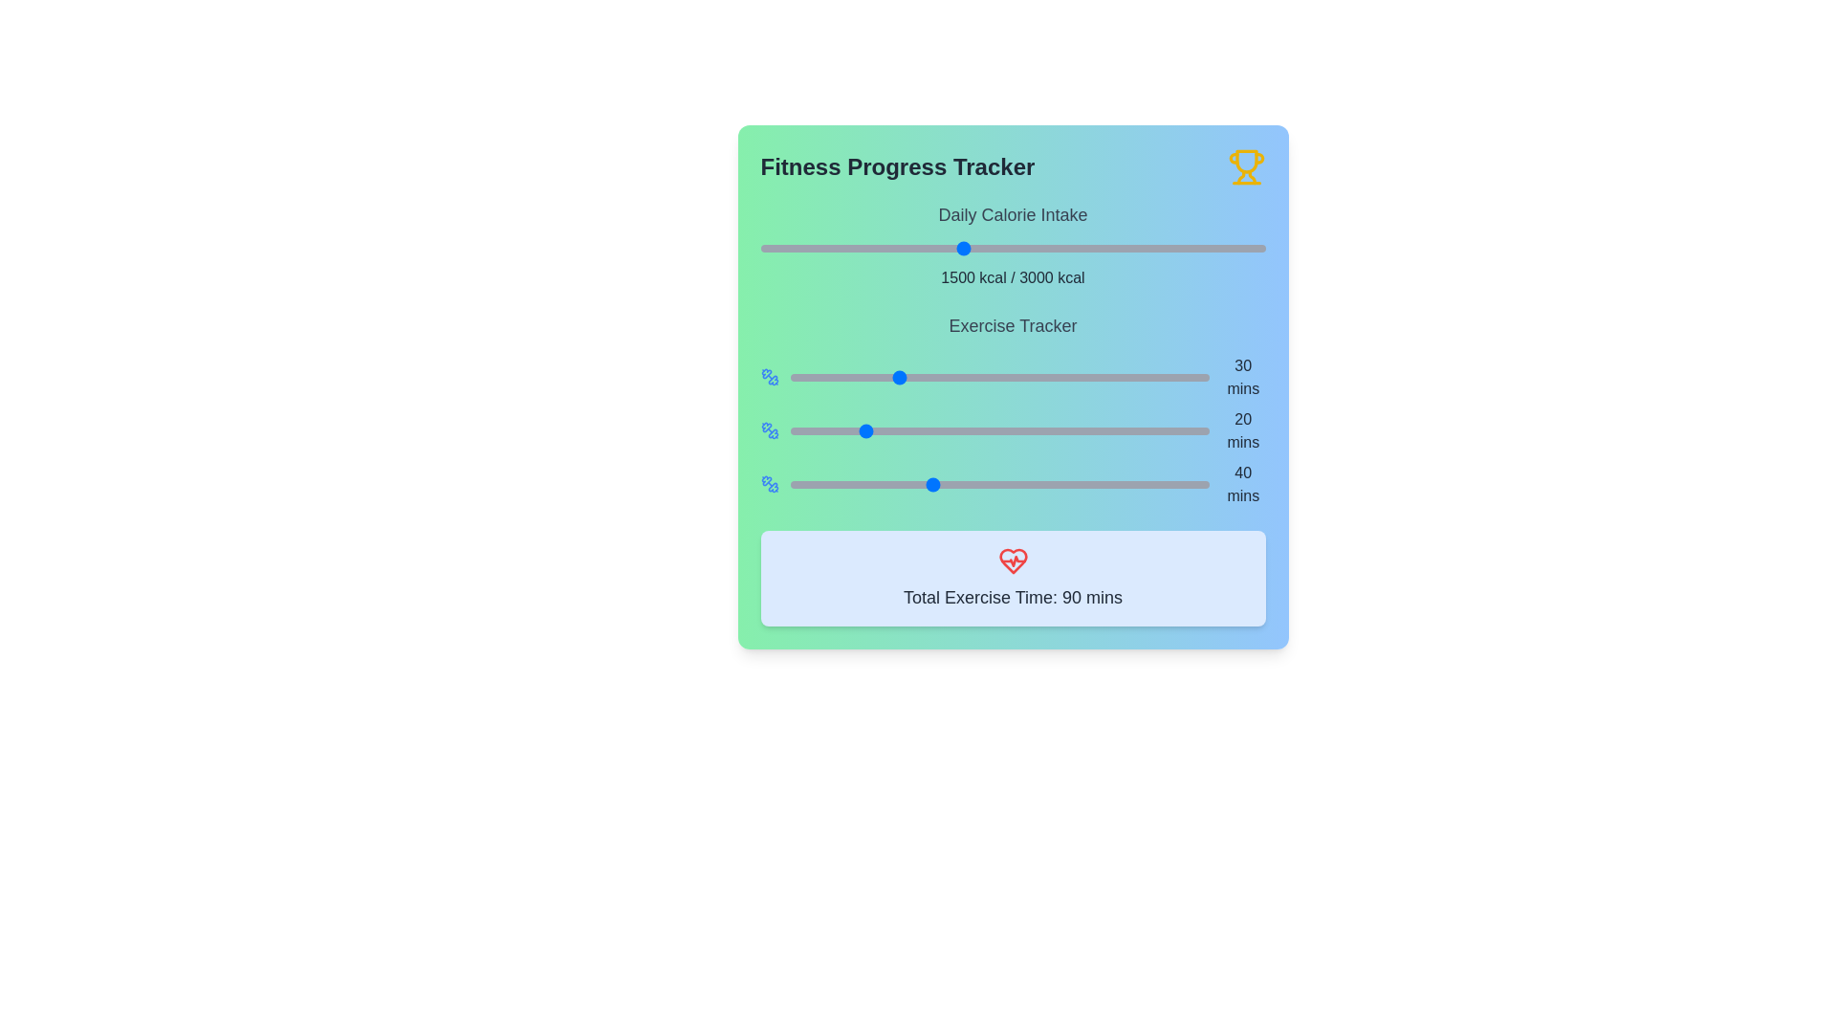 Image resolution: width=1836 pixels, height=1033 pixels. I want to click on the first decorative dumbbell-shaped icon with blue tones located in the exercise tracker section, so click(766, 374).